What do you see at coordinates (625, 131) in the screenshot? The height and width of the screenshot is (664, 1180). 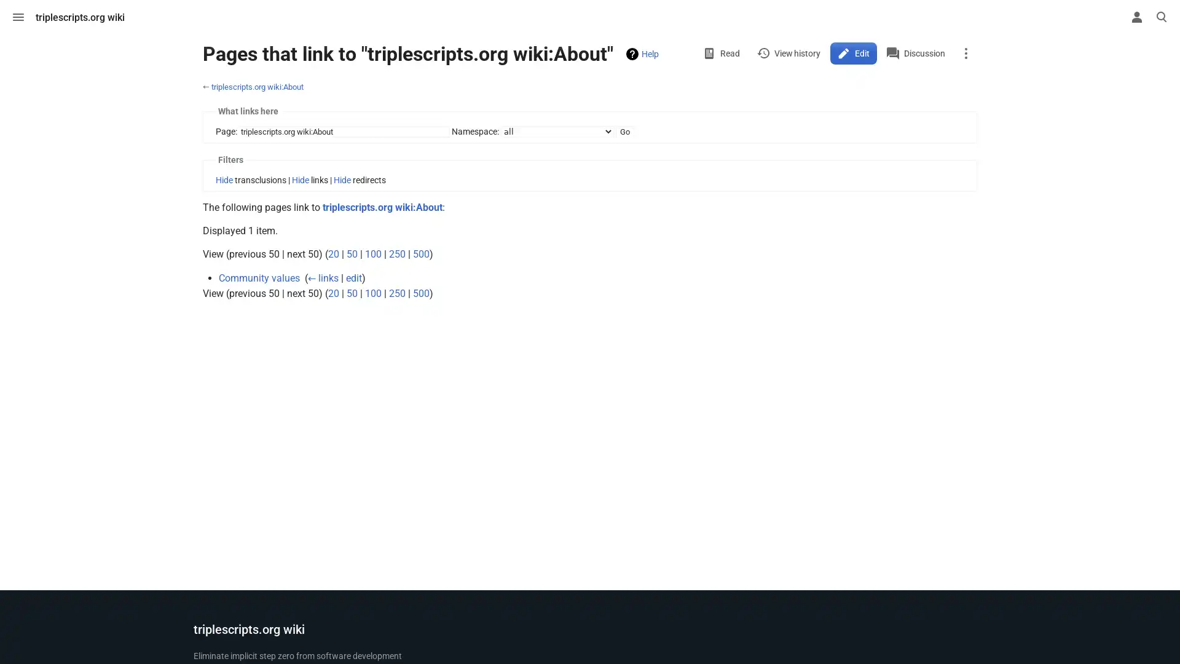 I see `Go` at bounding box center [625, 131].